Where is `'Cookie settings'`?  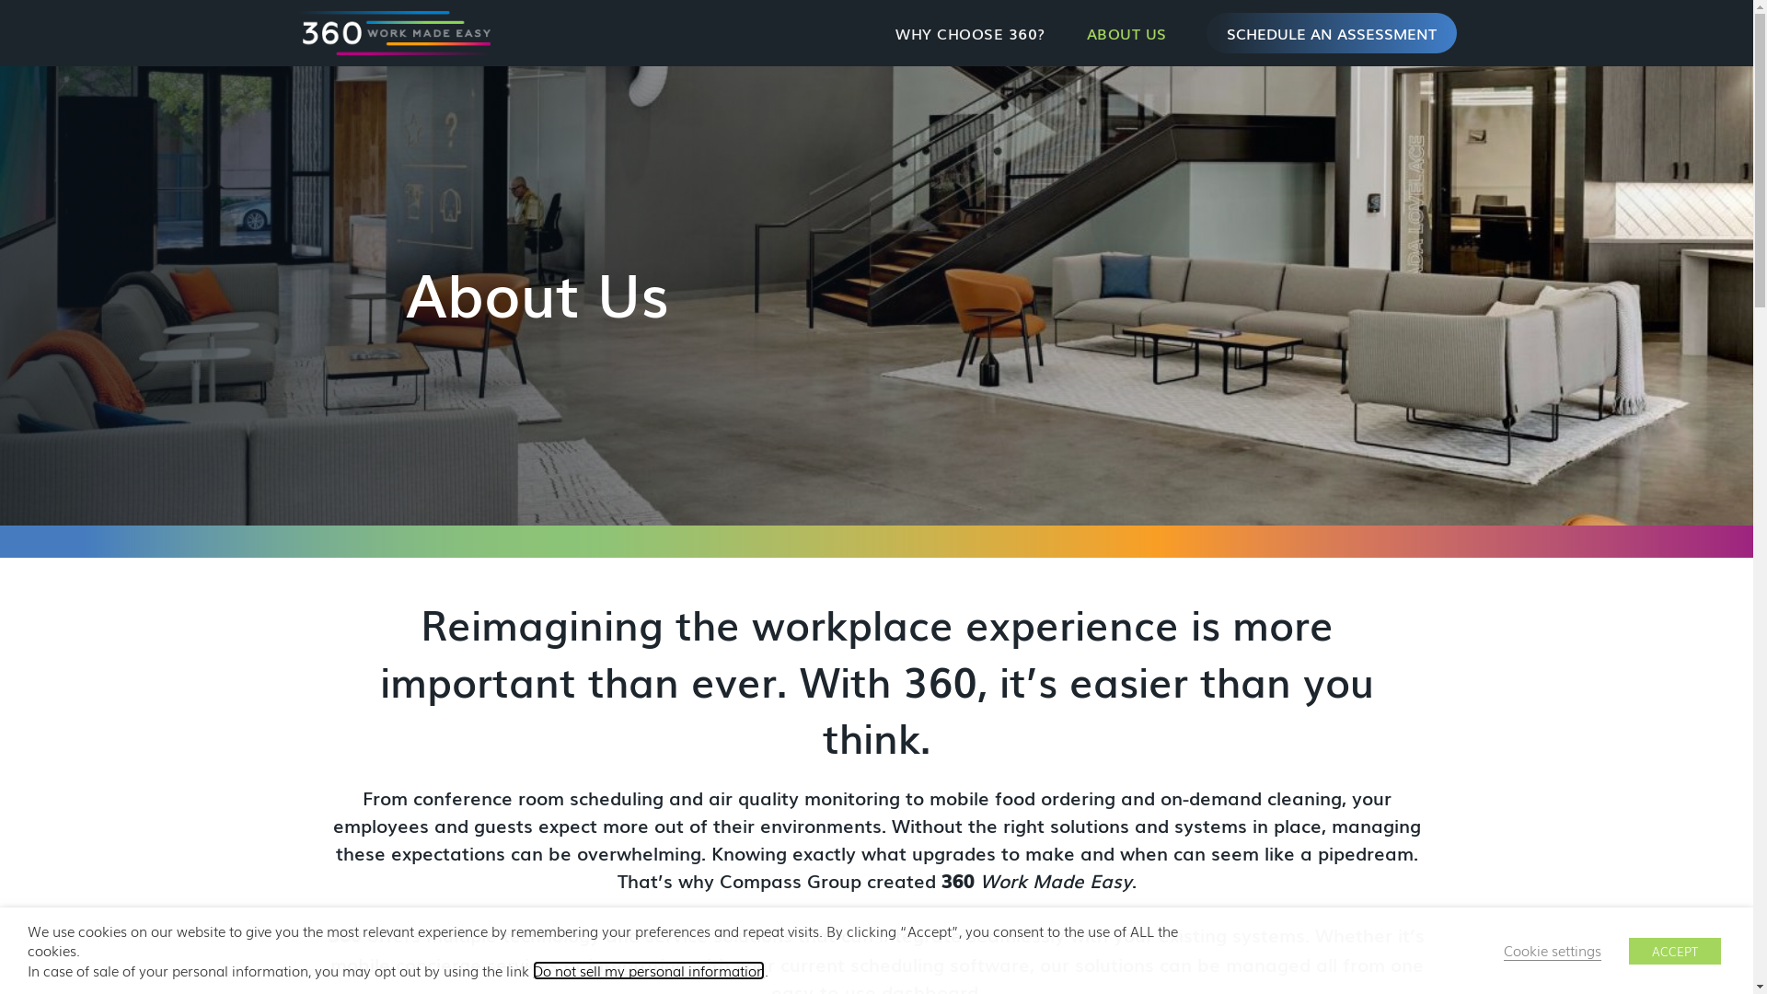
'Cookie settings' is located at coordinates (1551, 951).